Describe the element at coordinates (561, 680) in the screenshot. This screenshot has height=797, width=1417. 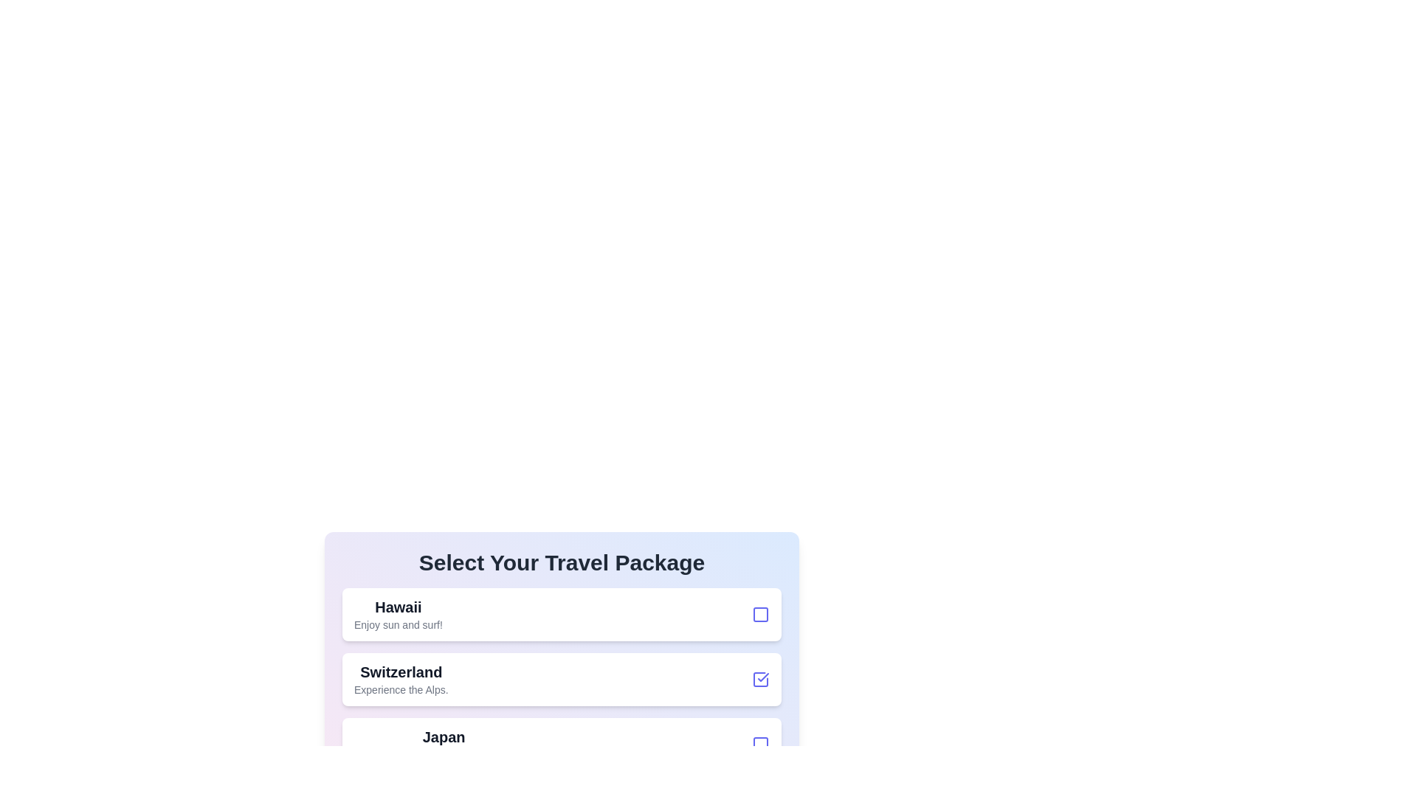
I see `the travel package list item corresponding to Switzerland` at that location.